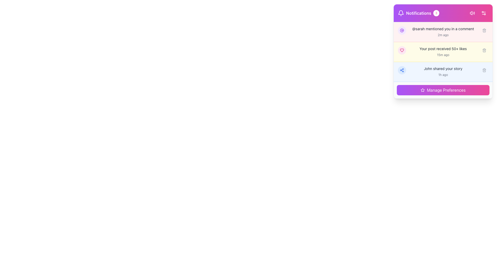 Image resolution: width=497 pixels, height=279 pixels. Describe the element at coordinates (484, 30) in the screenshot. I see `the small rounded button with a gray trashcan icon that indicates a delete action, located to the right of the notification text '@sarah mentioned you in a comment' within the first notification row of the notification panel` at that location.